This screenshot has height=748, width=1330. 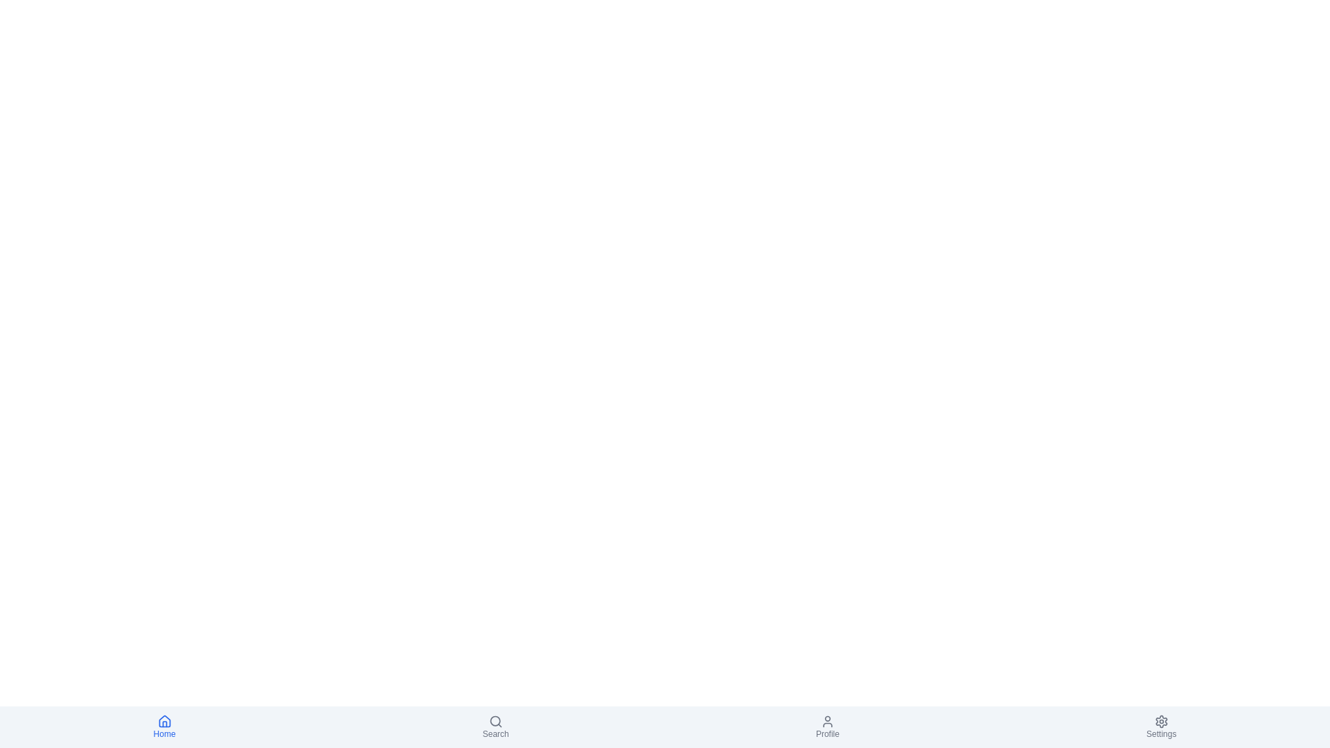 What do you see at coordinates (1161, 733) in the screenshot?
I see `the 'Settings' text label located in the bottom-right corner of the navigation bar` at bounding box center [1161, 733].